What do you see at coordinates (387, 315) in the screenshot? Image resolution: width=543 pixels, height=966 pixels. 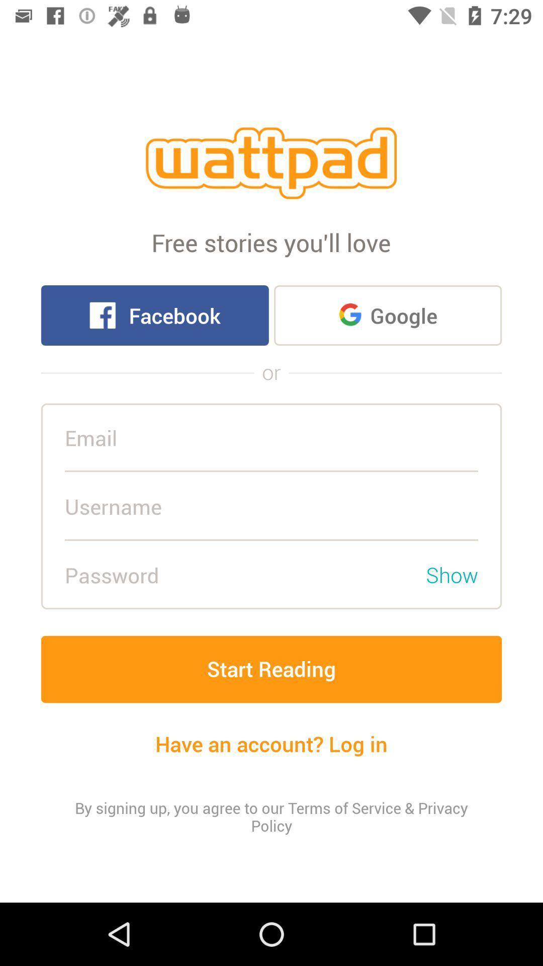 I see `google` at bounding box center [387, 315].